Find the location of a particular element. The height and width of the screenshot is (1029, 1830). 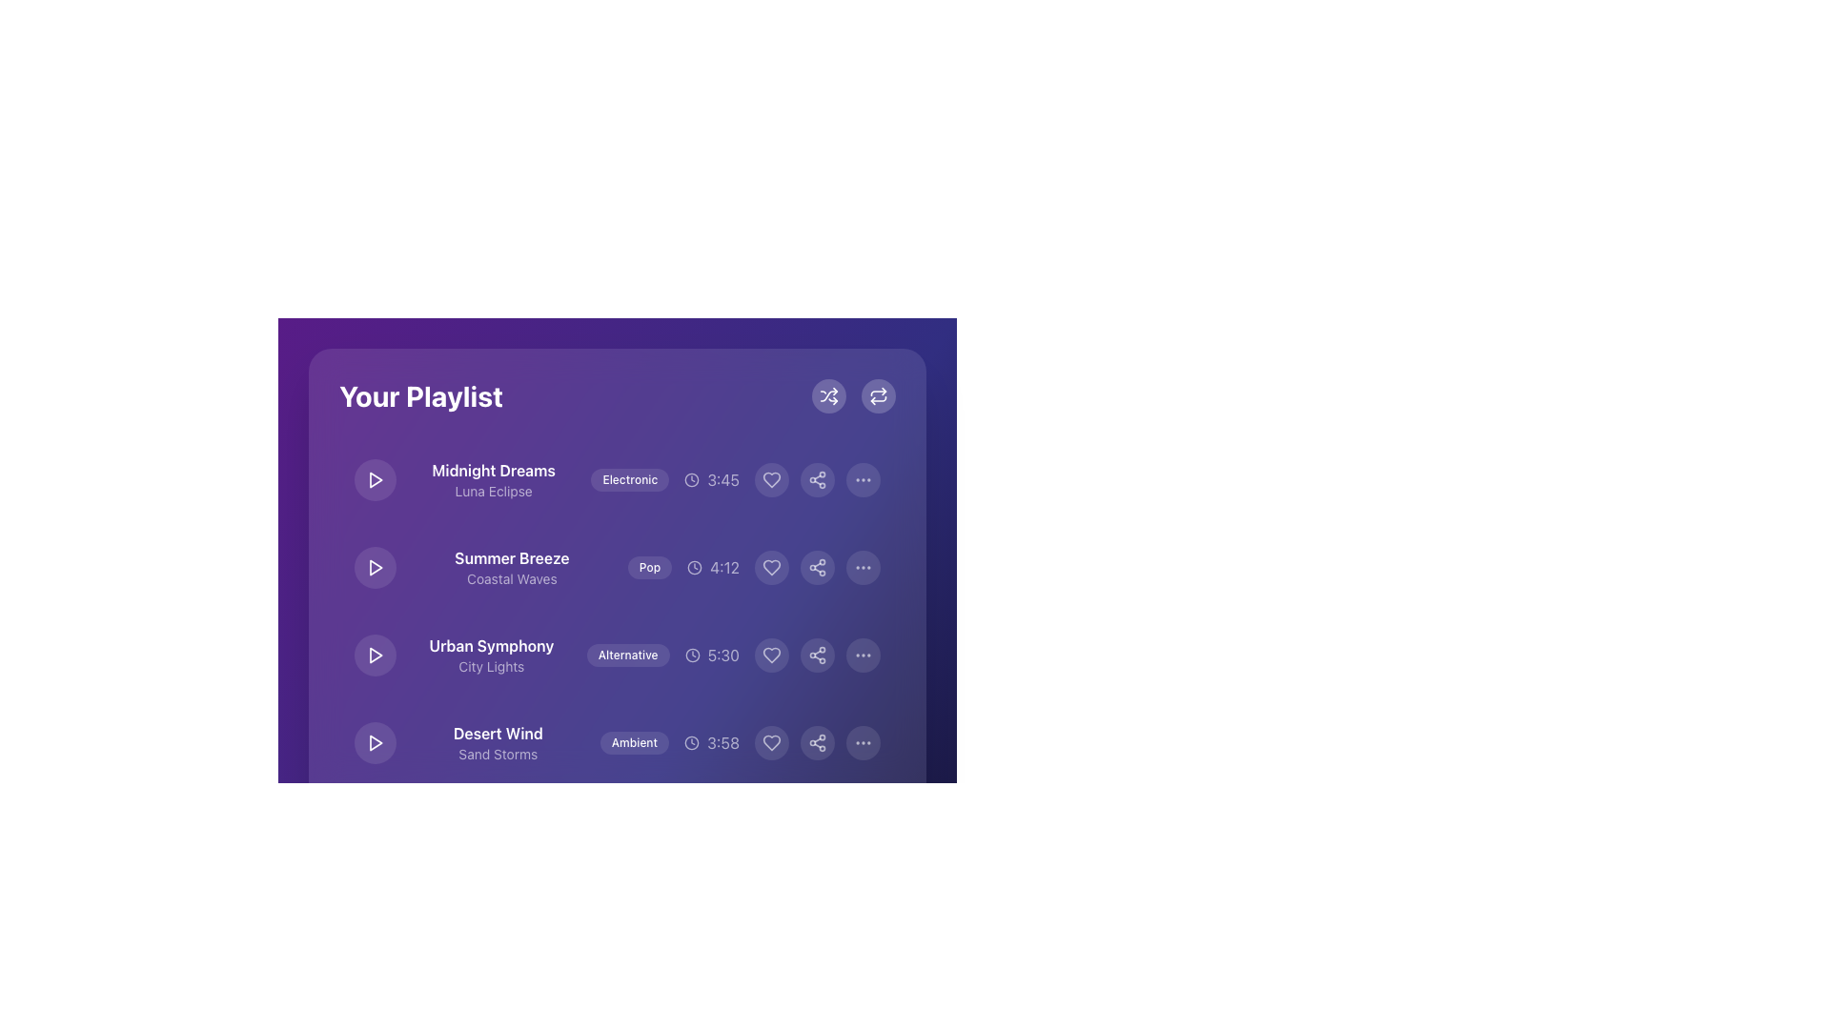

the circular button with three horizontal dots on the right side of the actions section for the 'Summer Breeze' playlist item is located at coordinates (863, 567).